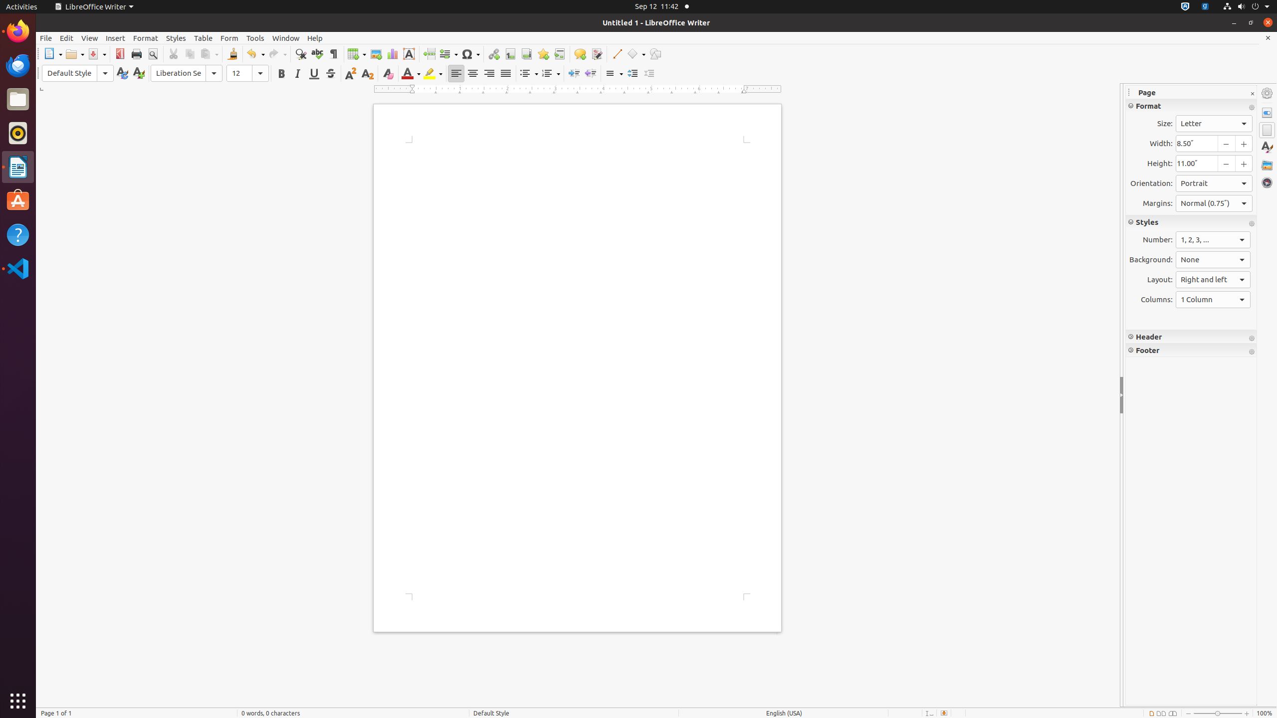  I want to click on 'Form', so click(229, 38).